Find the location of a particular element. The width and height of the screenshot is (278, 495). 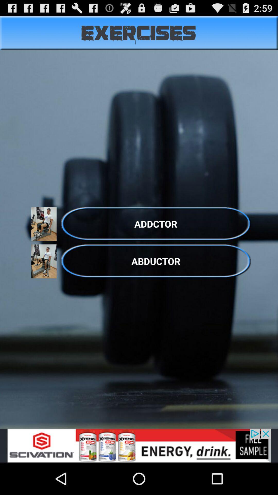

sponsored content is located at coordinates (139, 445).